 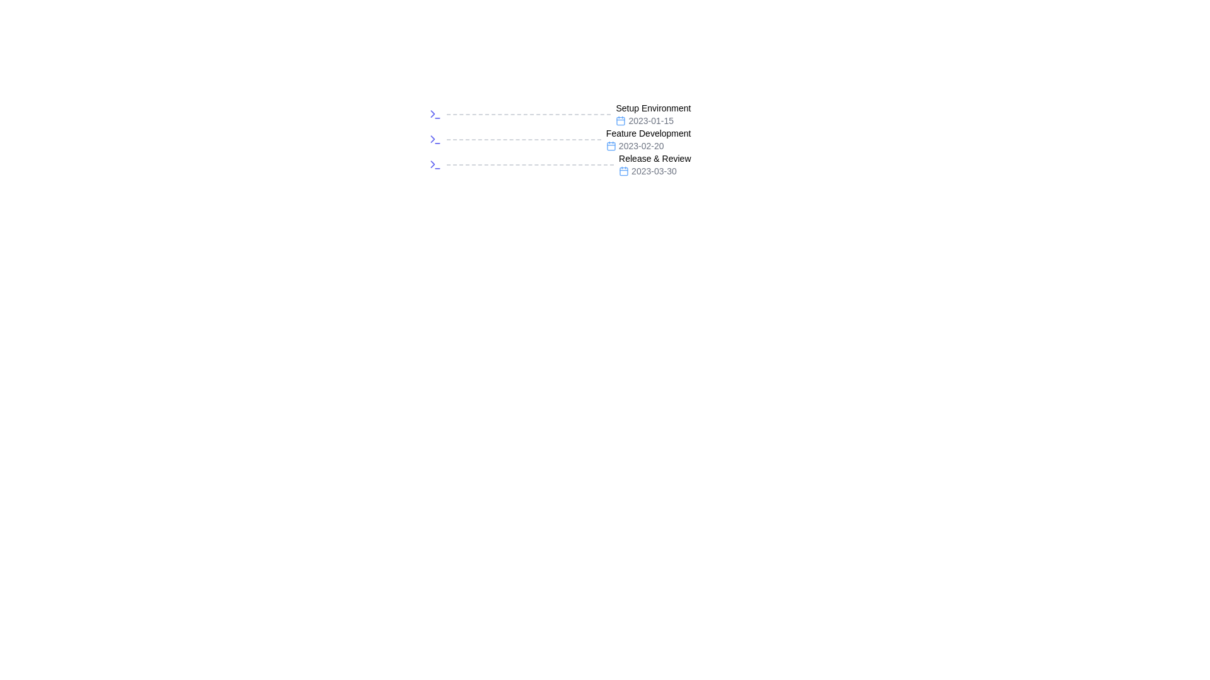 What do you see at coordinates (653, 114) in the screenshot?
I see `the first text-based list item titled 'Setup Environment' with a date of '2023-01-15' and a small blue calendar icon` at bounding box center [653, 114].